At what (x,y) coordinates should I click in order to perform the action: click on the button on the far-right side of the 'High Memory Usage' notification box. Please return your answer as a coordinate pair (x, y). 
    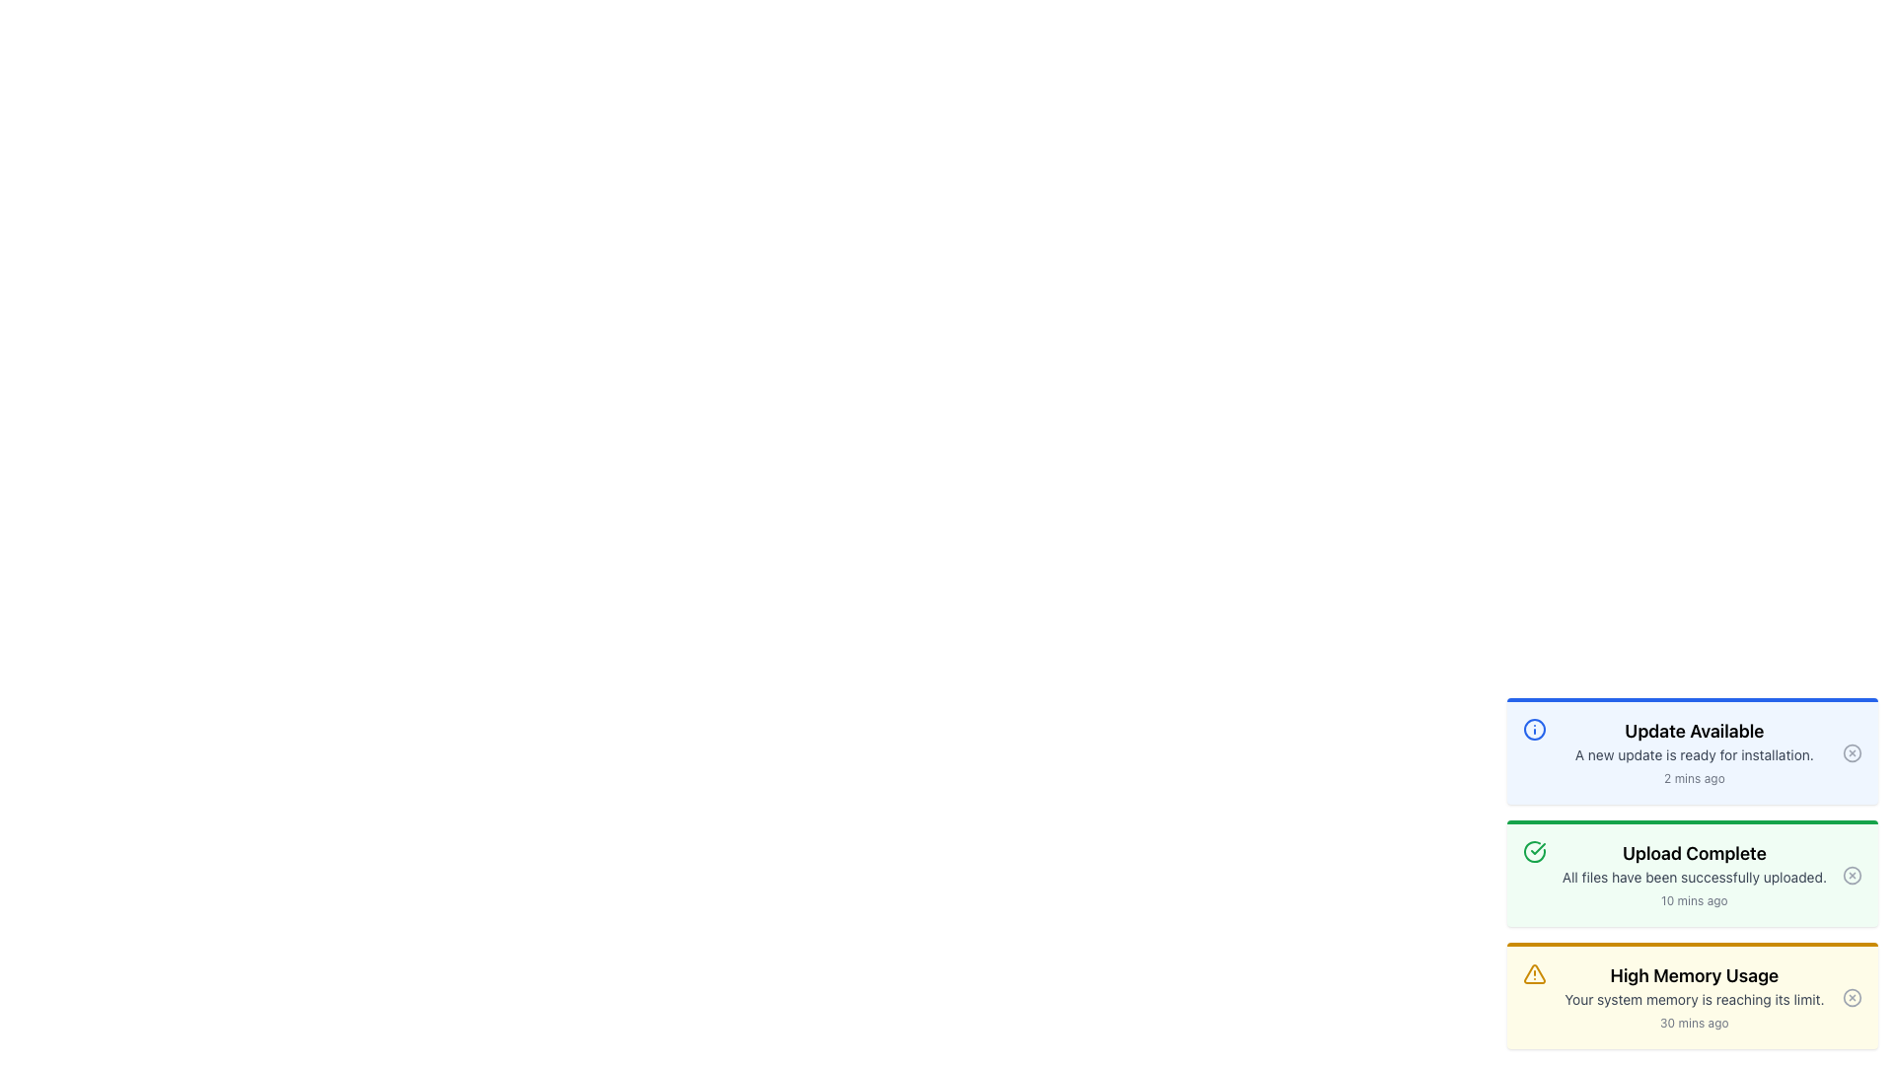
    Looking at the image, I should click on (1851, 997).